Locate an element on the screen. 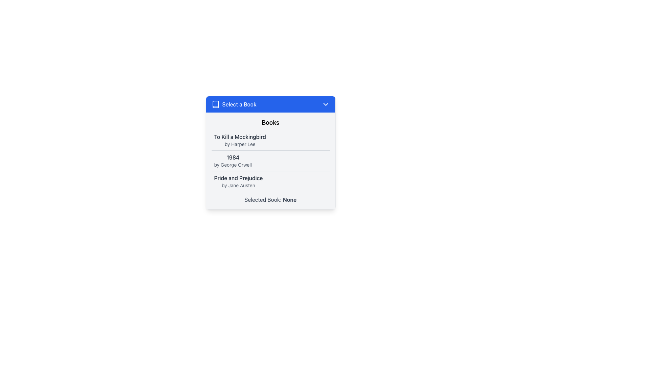 The image size is (649, 365). the list item displaying the title '1984' by George Orwell in the dropdown menu 'Select a Book' is located at coordinates (233, 161).